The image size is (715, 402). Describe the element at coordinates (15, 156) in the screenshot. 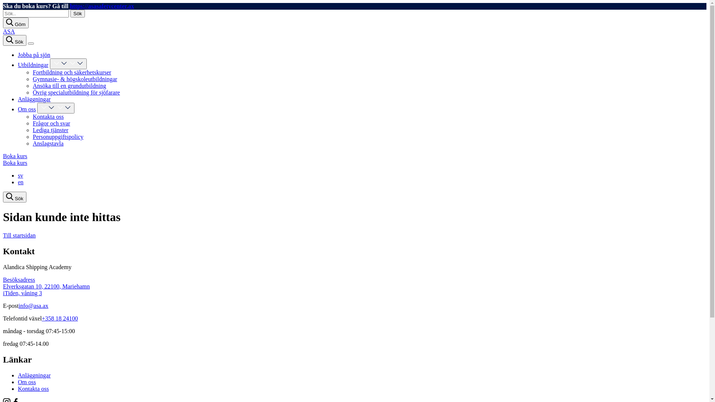

I see `'Boka kurs'` at that location.